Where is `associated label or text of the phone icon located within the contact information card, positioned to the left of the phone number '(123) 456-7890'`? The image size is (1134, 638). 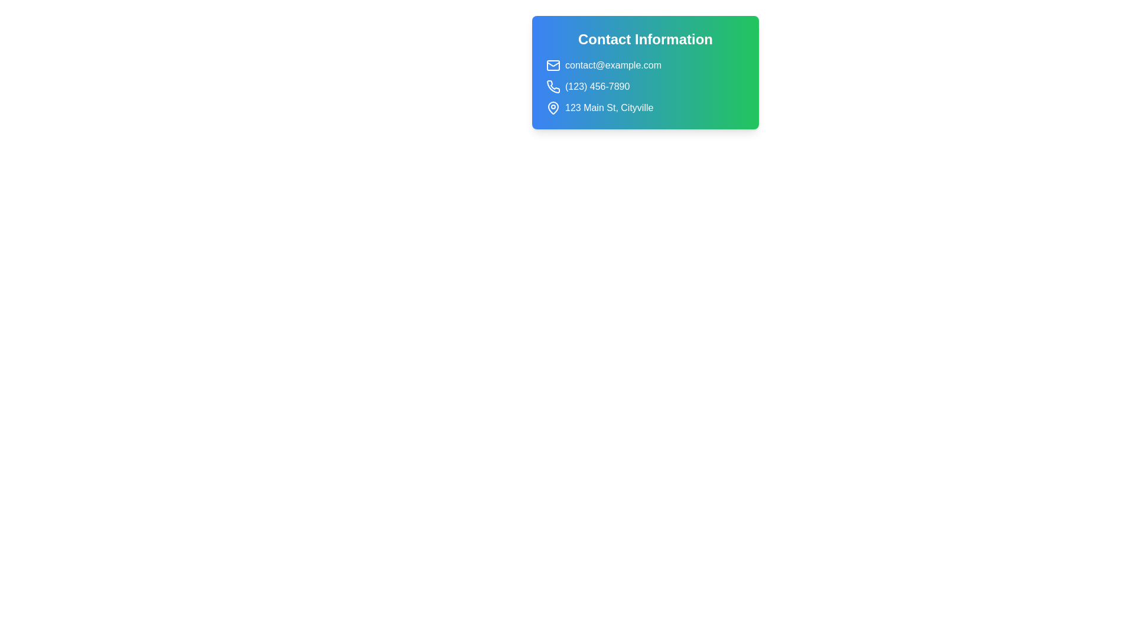 associated label or text of the phone icon located within the contact information card, positioned to the left of the phone number '(123) 456-7890' is located at coordinates (552, 86).